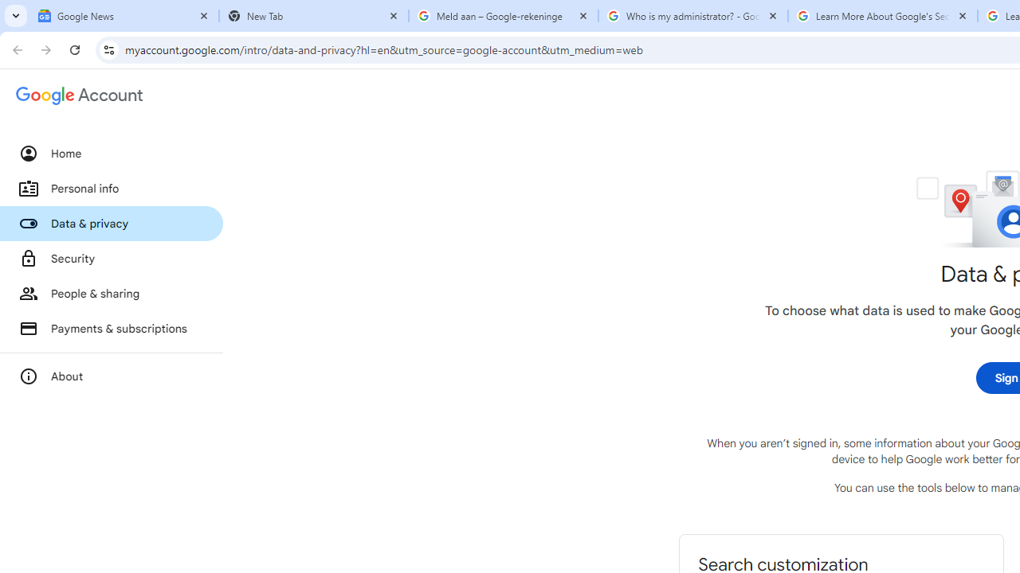  I want to click on 'Google News', so click(124, 16).